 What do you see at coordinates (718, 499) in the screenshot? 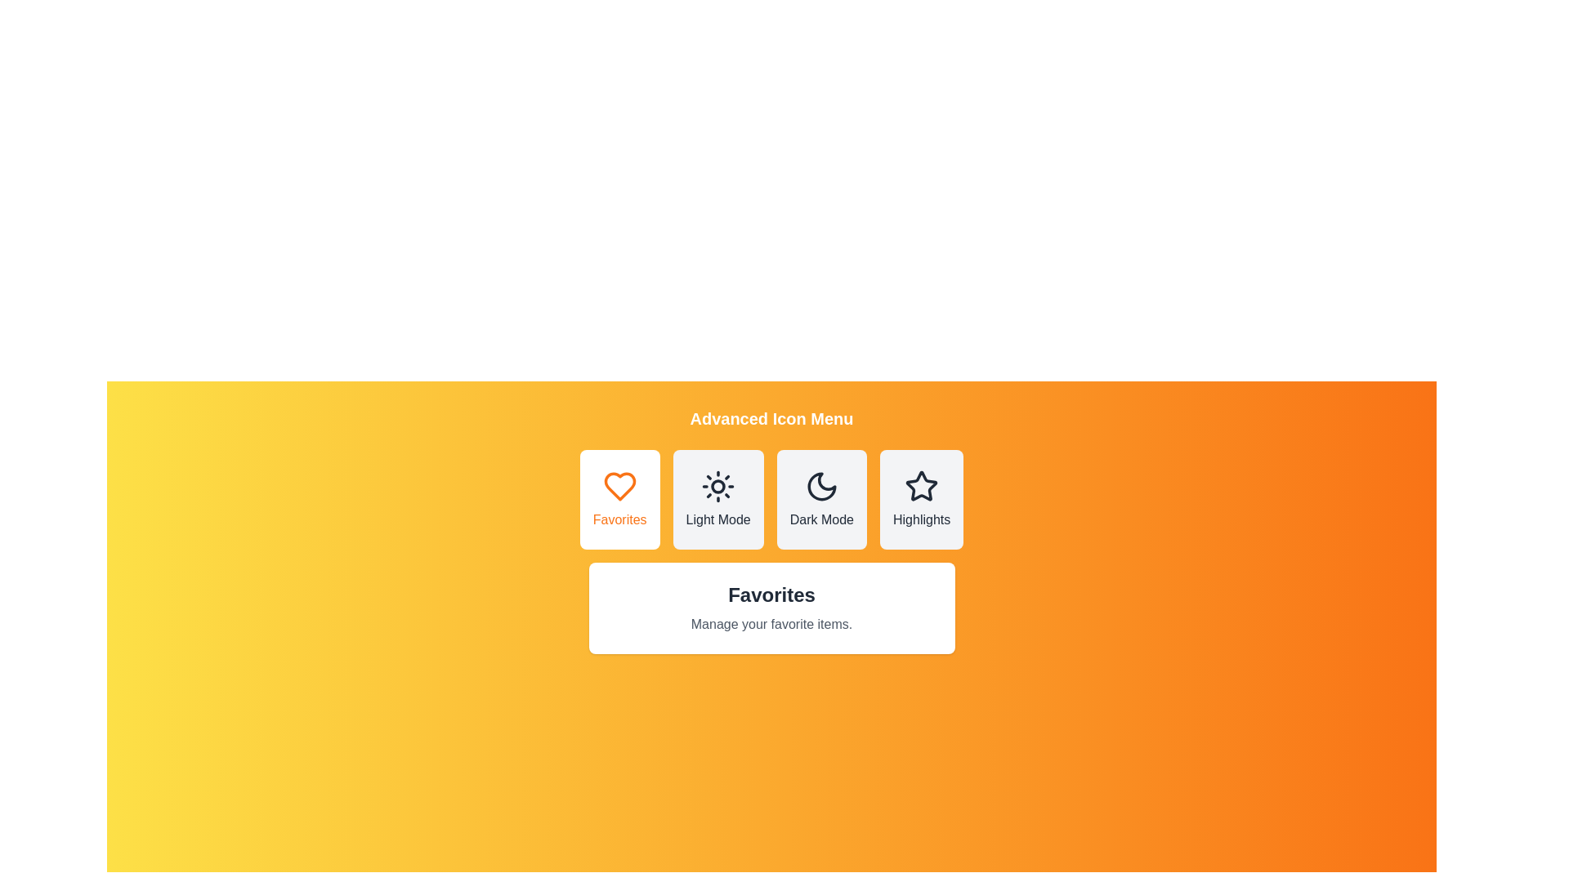
I see `the rectangular button labeled 'Light Mode' with a light gray background and a sun icon` at bounding box center [718, 499].